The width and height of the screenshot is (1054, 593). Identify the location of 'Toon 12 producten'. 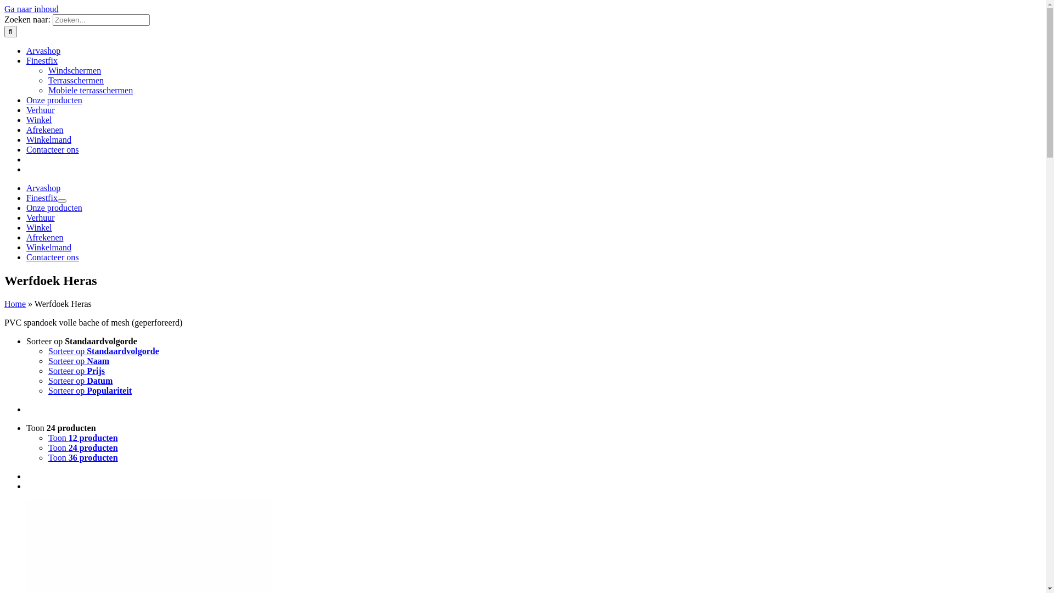
(82, 437).